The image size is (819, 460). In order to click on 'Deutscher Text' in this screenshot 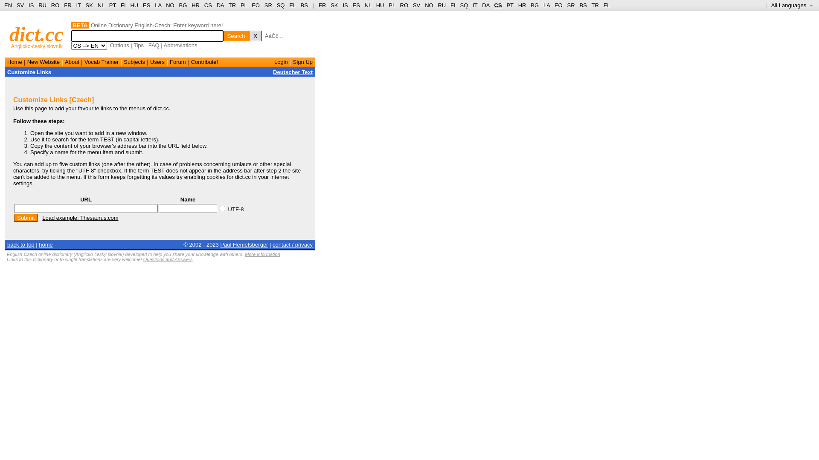, I will do `click(293, 72)`.